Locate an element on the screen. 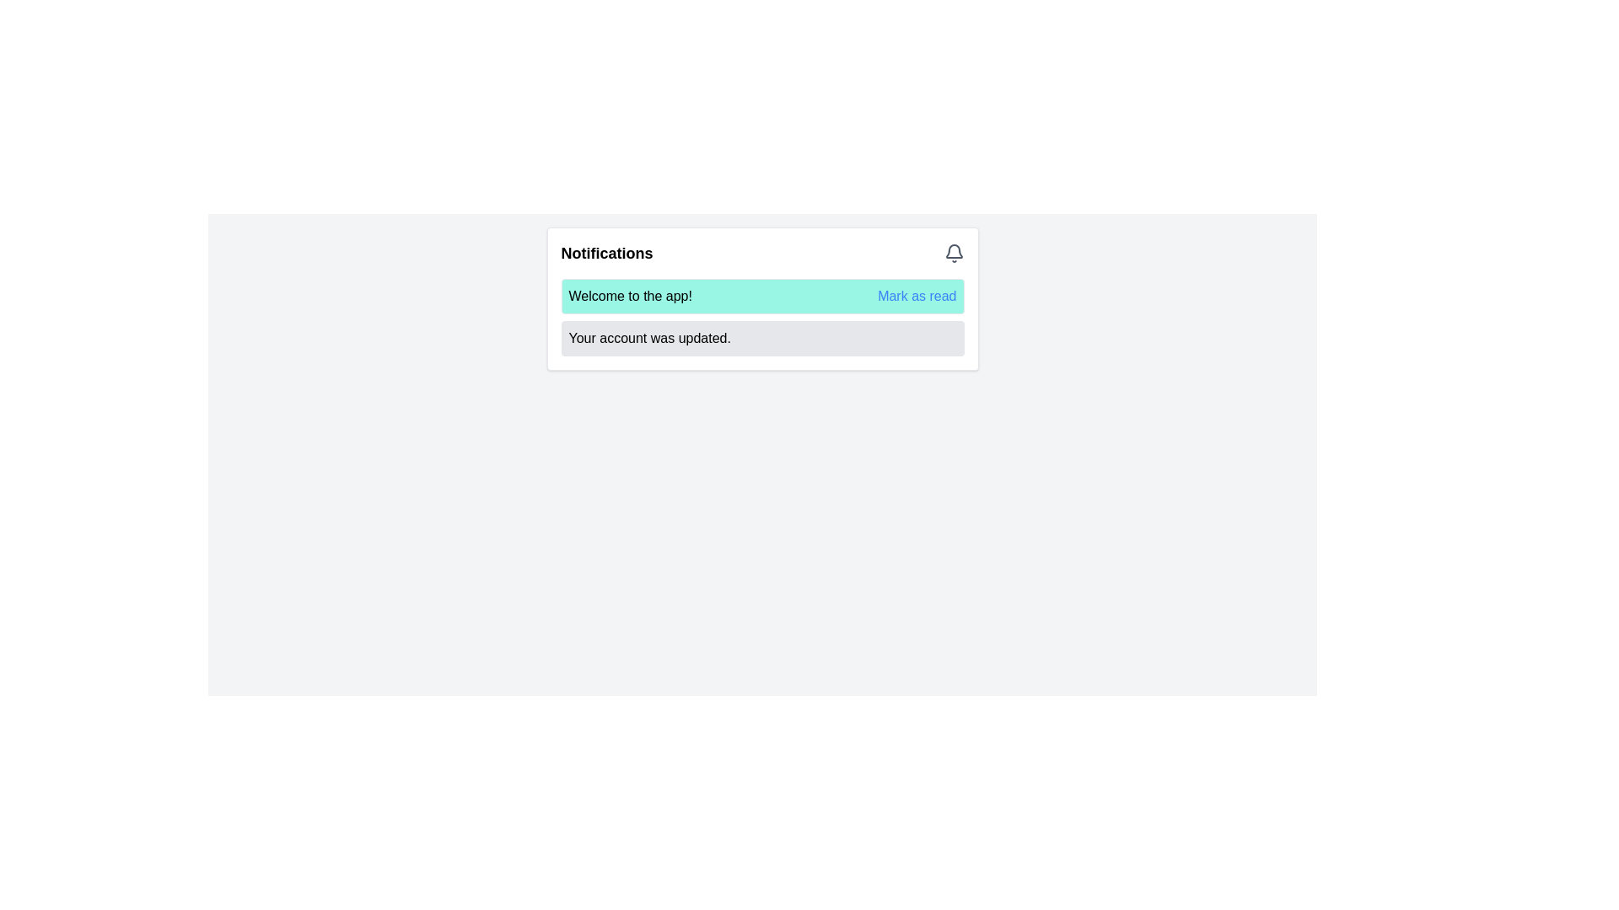 The height and width of the screenshot is (910, 1619). the bell icon located at the top-right corner of the notification section, next to the 'Notifications' header is located at coordinates (954, 253).